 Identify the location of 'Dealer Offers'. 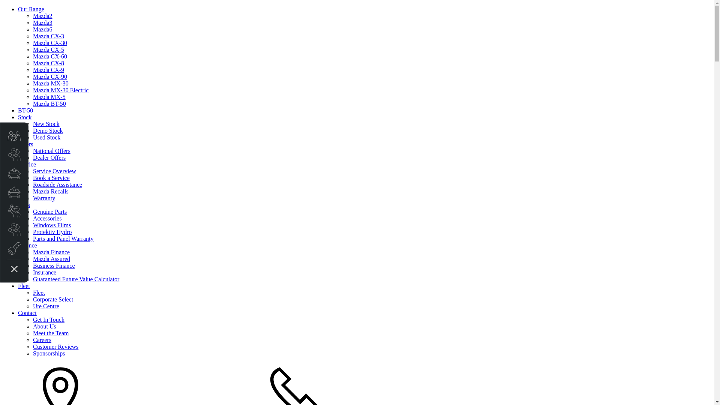
(49, 157).